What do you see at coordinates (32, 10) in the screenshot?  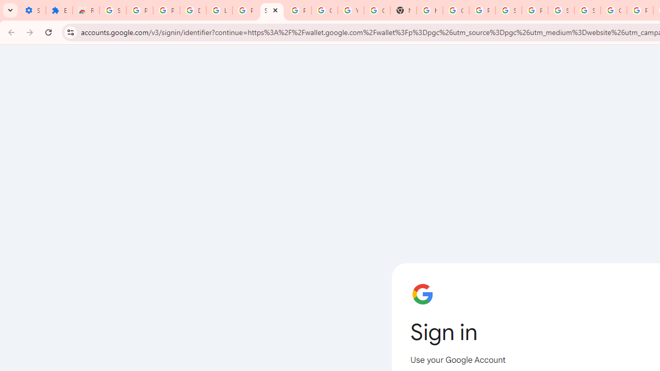 I see `'Settings - On startup'` at bounding box center [32, 10].